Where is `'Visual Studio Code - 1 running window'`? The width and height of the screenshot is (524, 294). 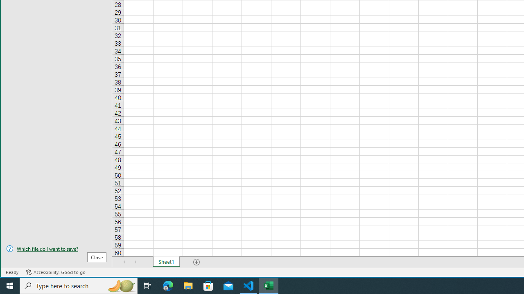
'Visual Studio Code - 1 running window' is located at coordinates (248, 285).